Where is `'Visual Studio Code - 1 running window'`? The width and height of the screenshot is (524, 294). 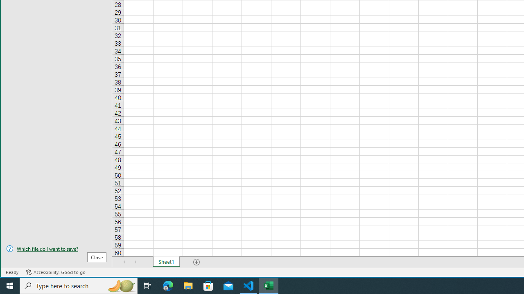
'Visual Studio Code - 1 running window' is located at coordinates (248, 285).